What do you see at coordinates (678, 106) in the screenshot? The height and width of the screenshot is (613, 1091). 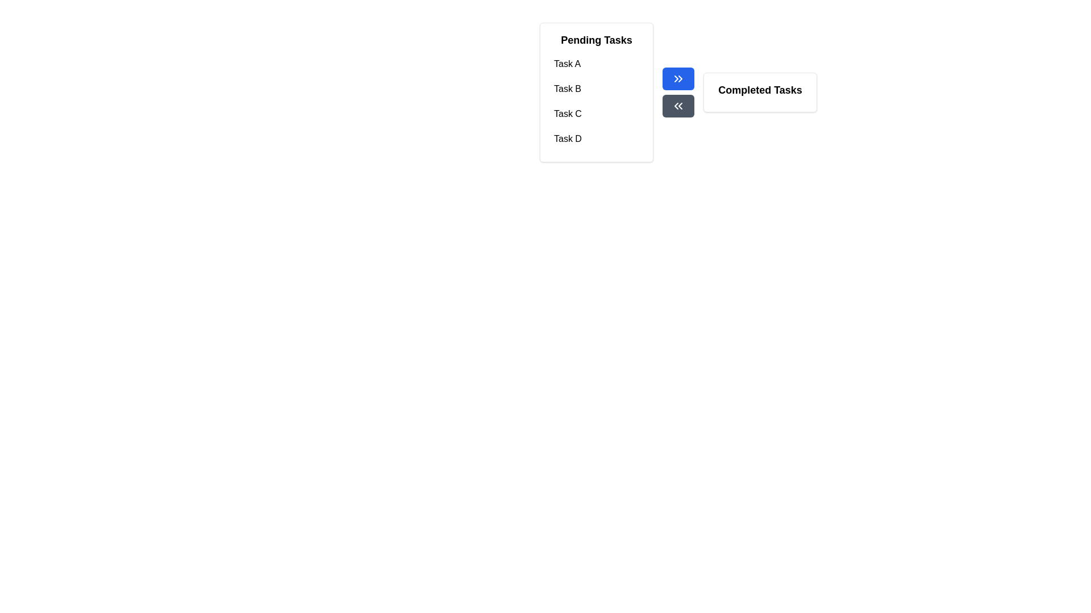 I see `the leftward double-chevron icon on the dark gray rectangular button` at bounding box center [678, 106].